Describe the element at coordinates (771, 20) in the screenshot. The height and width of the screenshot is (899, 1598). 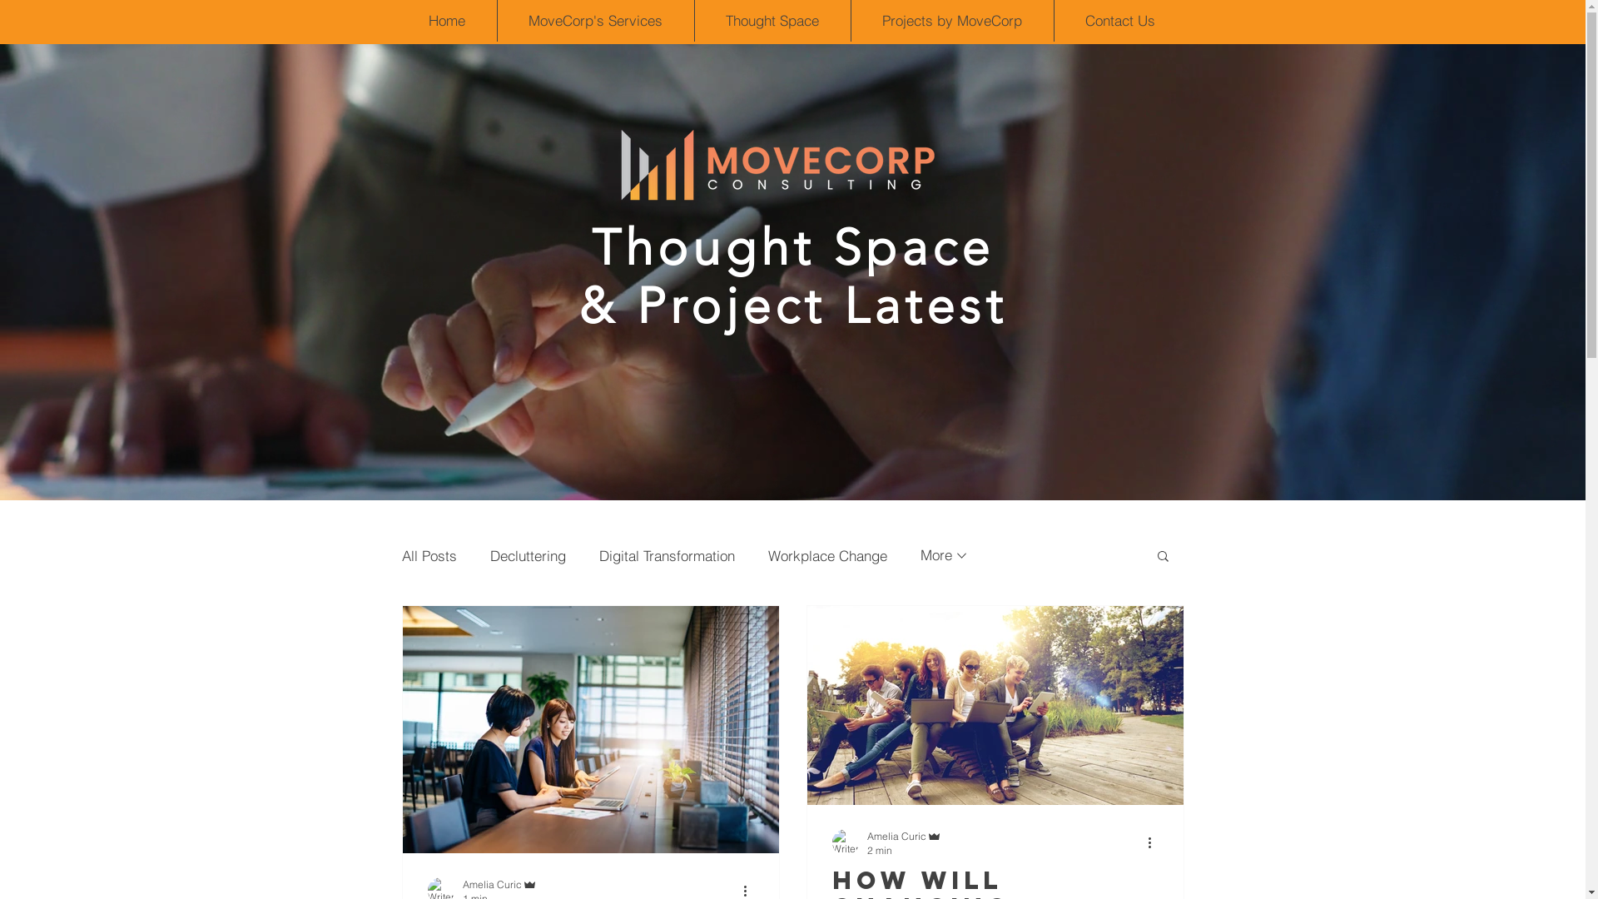
I see `'Thought Space'` at that location.